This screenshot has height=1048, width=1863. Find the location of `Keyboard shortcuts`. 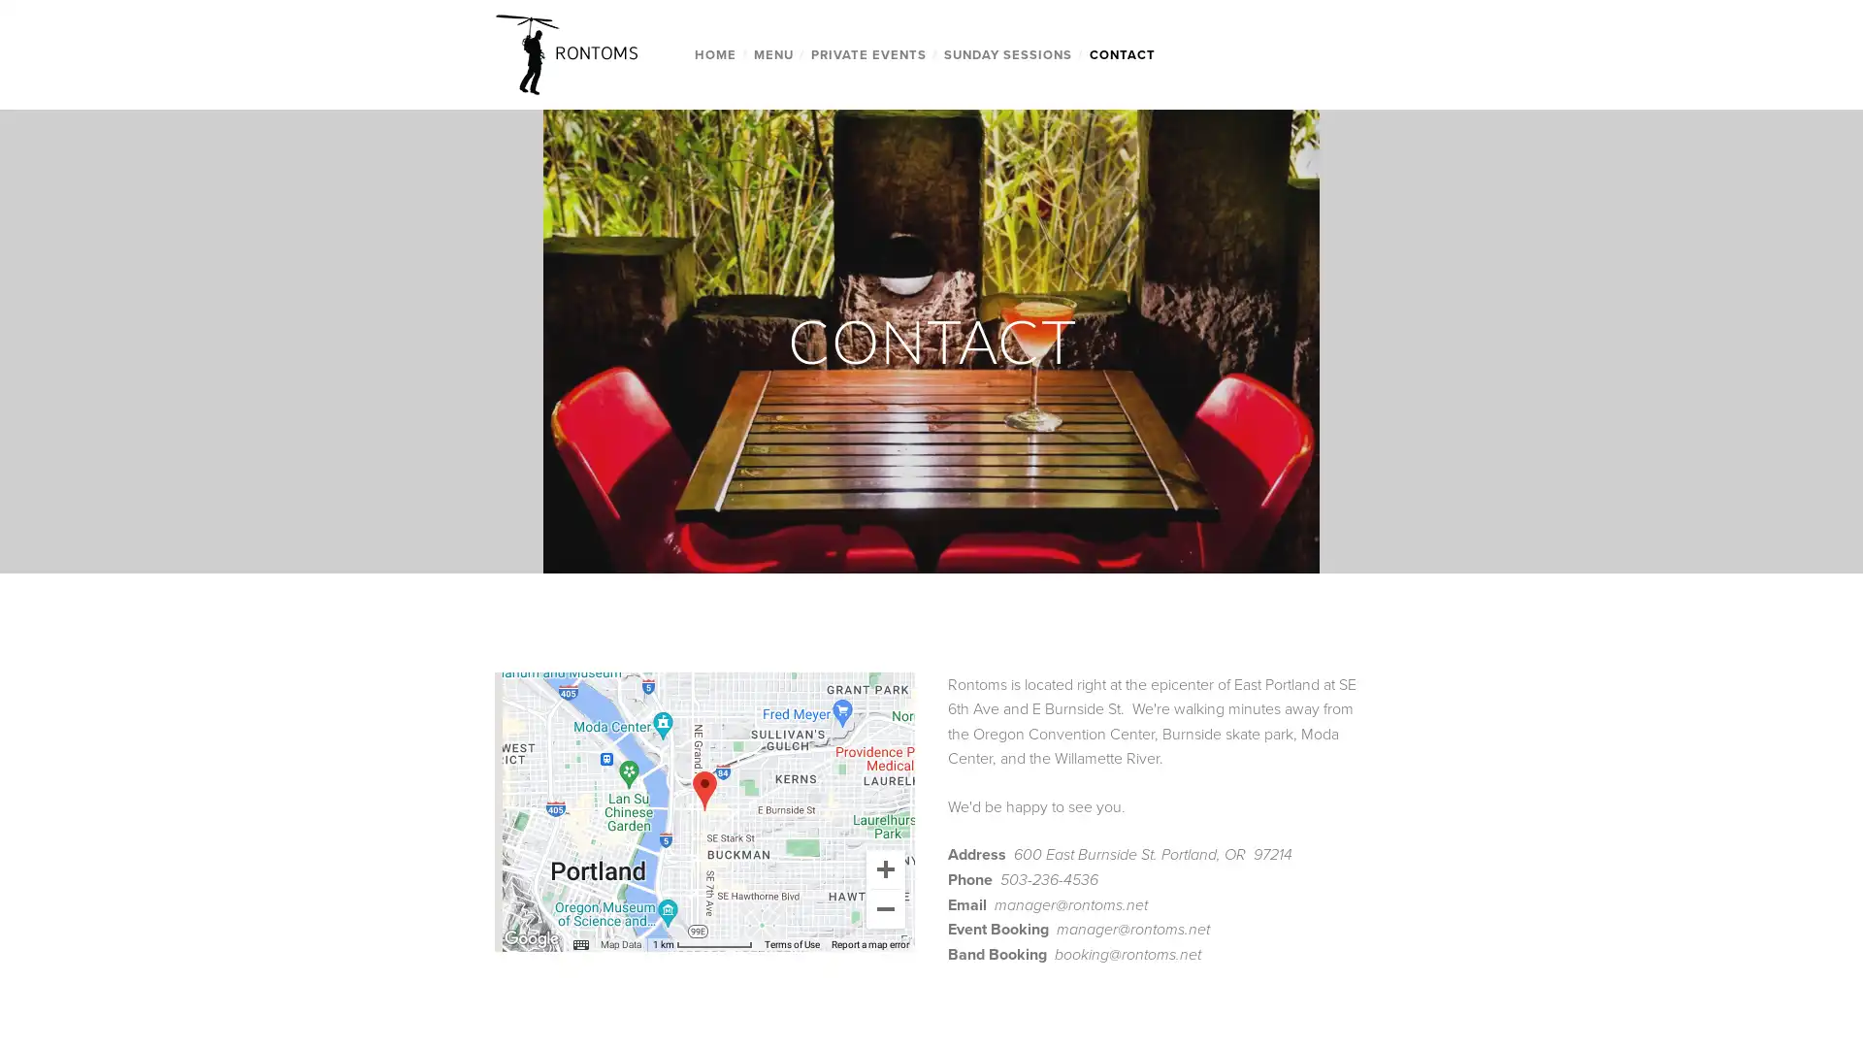

Keyboard shortcuts is located at coordinates (548, 942).